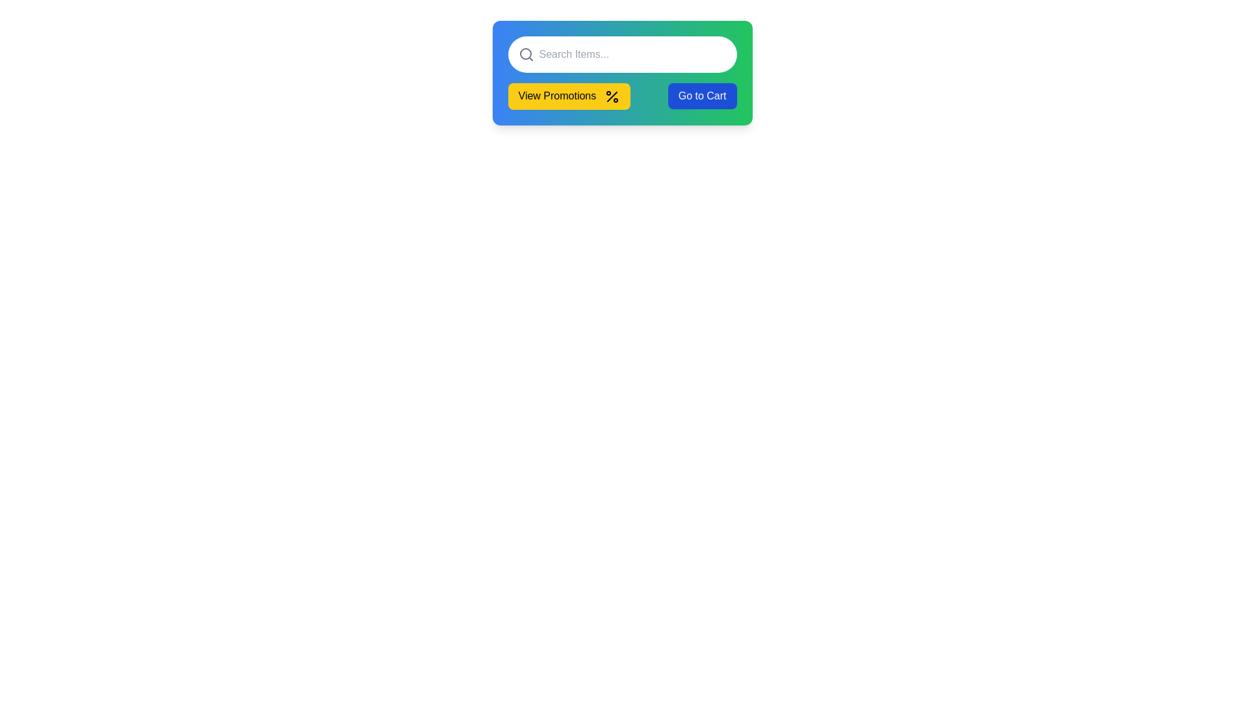 This screenshot has height=702, width=1248. Describe the element at coordinates (526, 54) in the screenshot. I see `the search icon located on the left side of the search bar, adjacent to the placeholder text 'Search Items...'` at that location.